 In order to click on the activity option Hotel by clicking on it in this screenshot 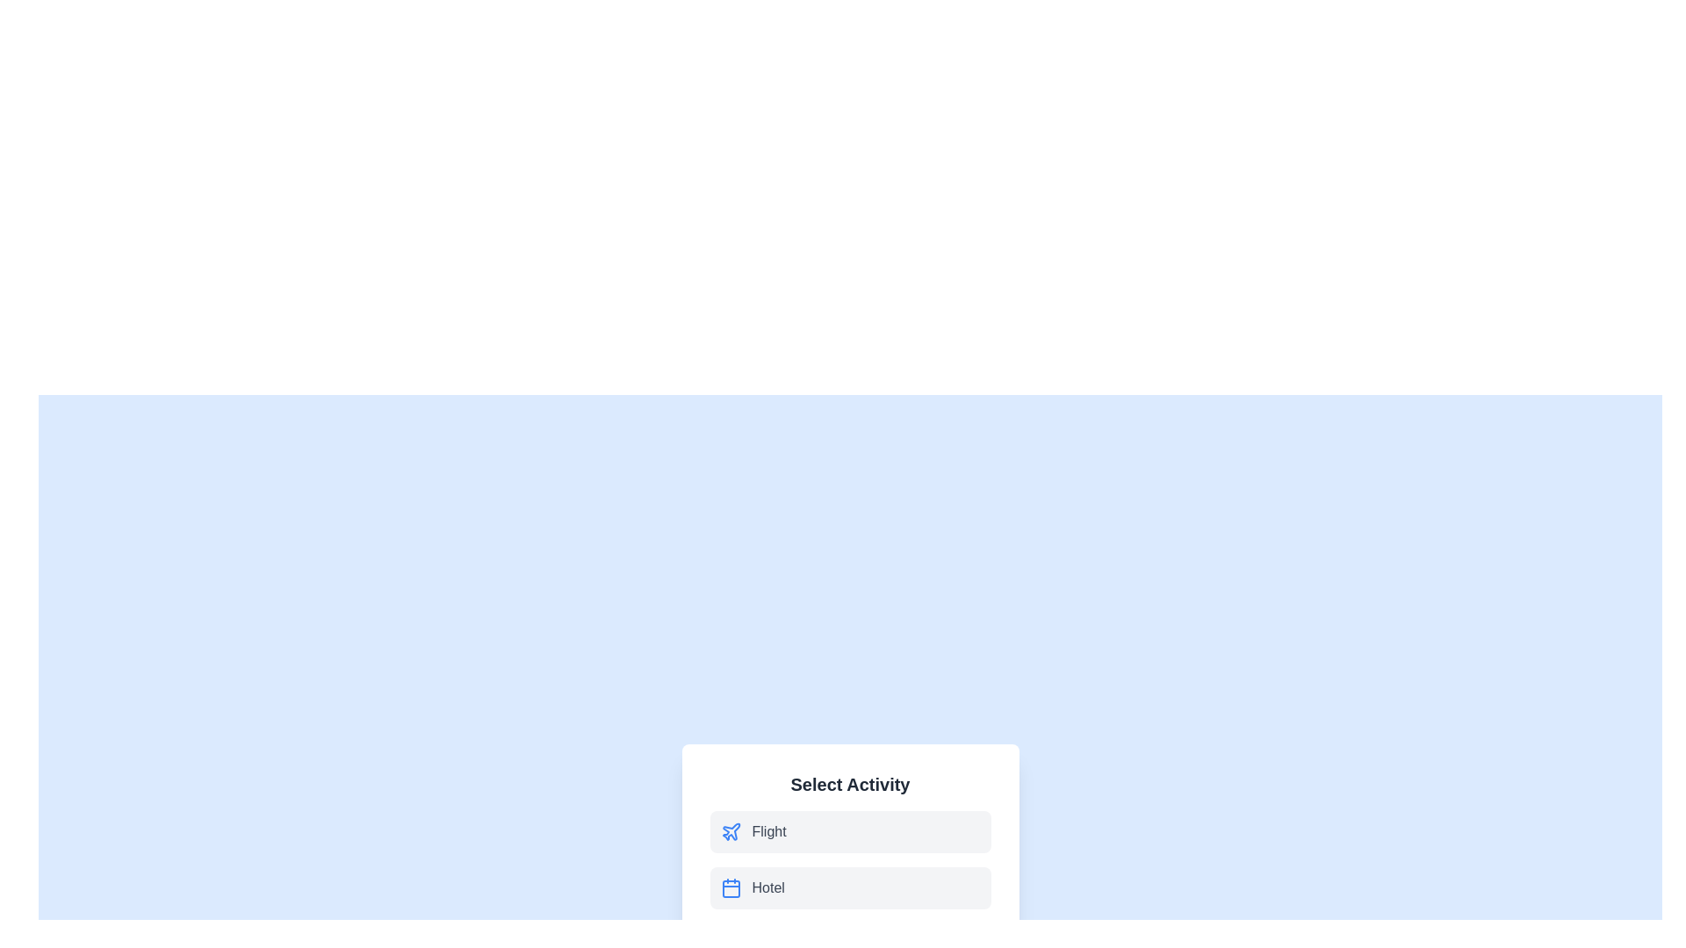, I will do `click(850, 887)`.